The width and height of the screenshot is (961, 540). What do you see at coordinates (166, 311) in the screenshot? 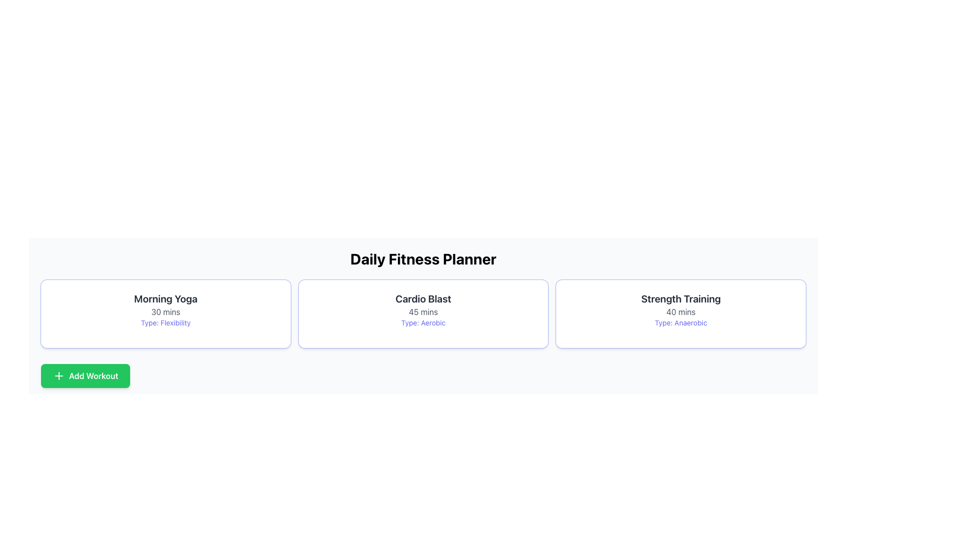
I see `the text label displaying '30 mins', which is located centrally below the title 'Morning Yoga' within the workout card` at bounding box center [166, 311].